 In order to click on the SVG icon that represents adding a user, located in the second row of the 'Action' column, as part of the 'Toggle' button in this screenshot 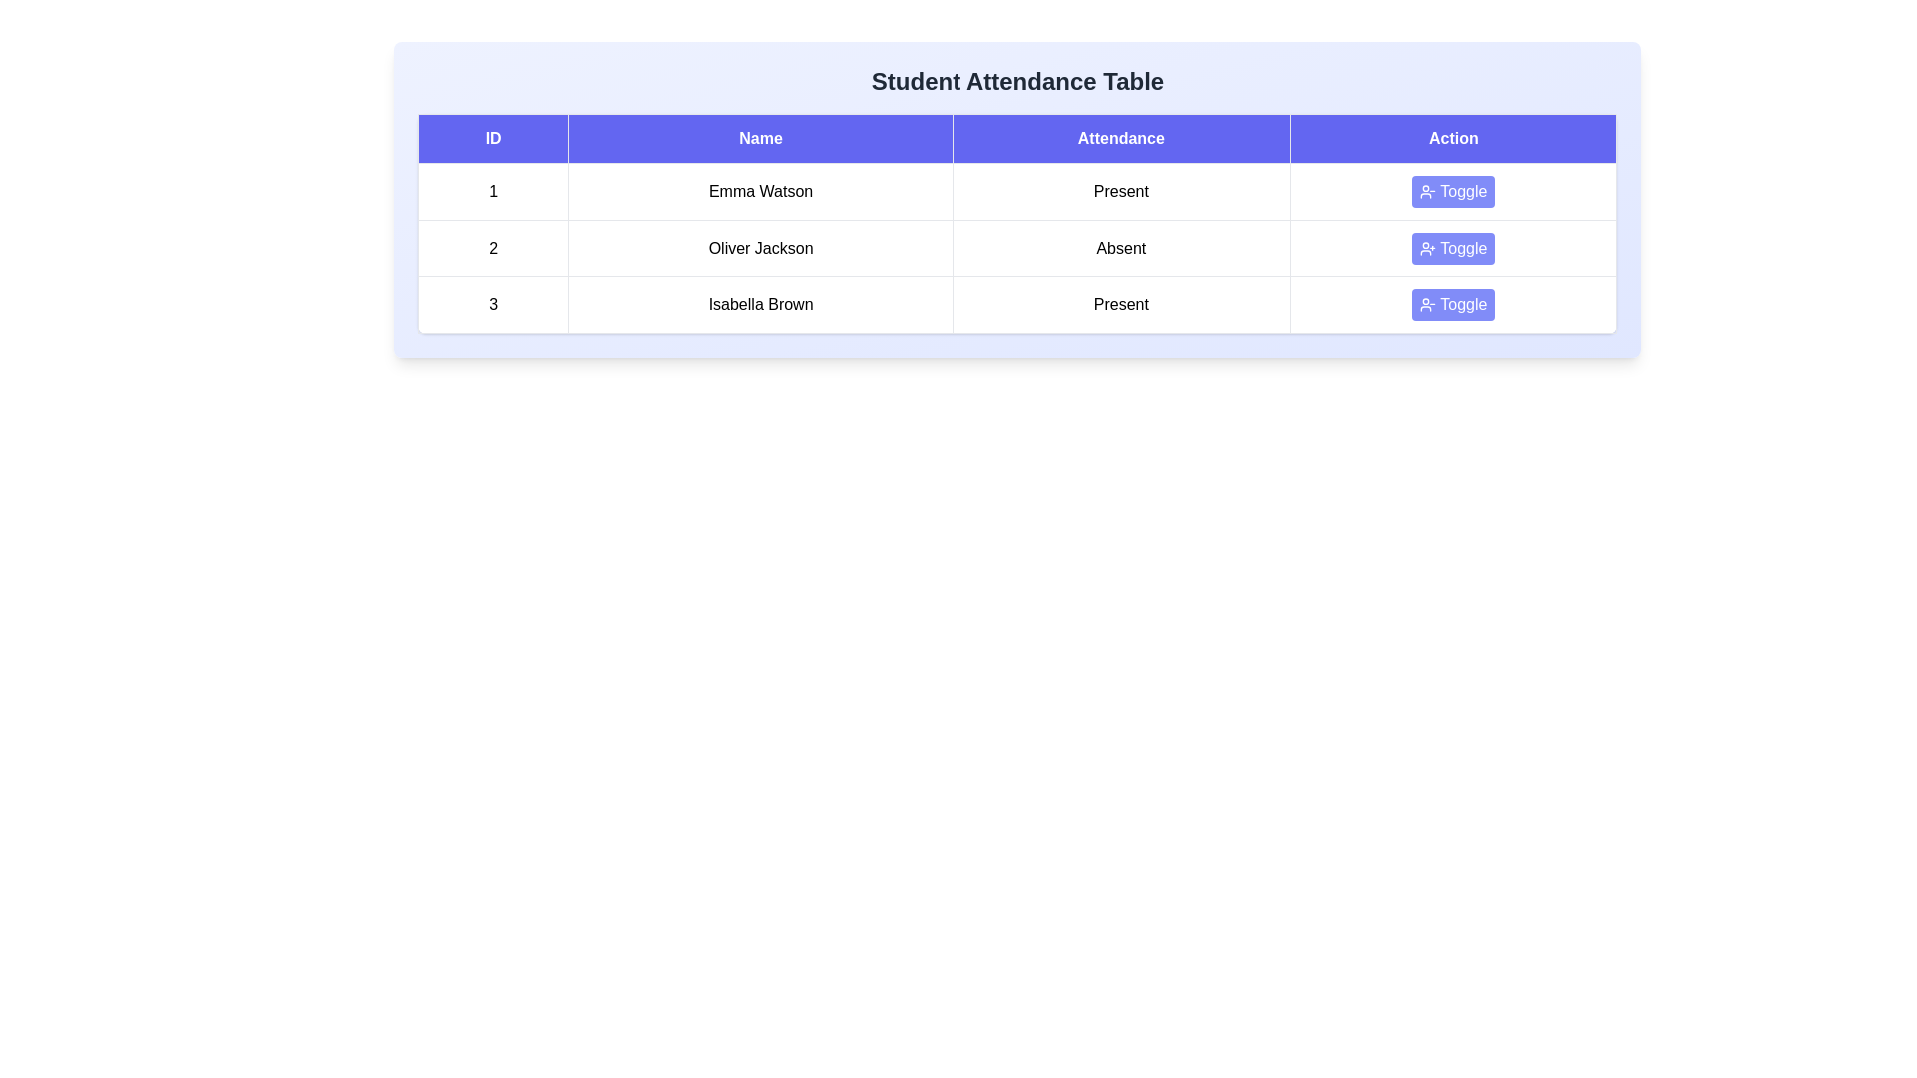, I will do `click(1427, 248)`.